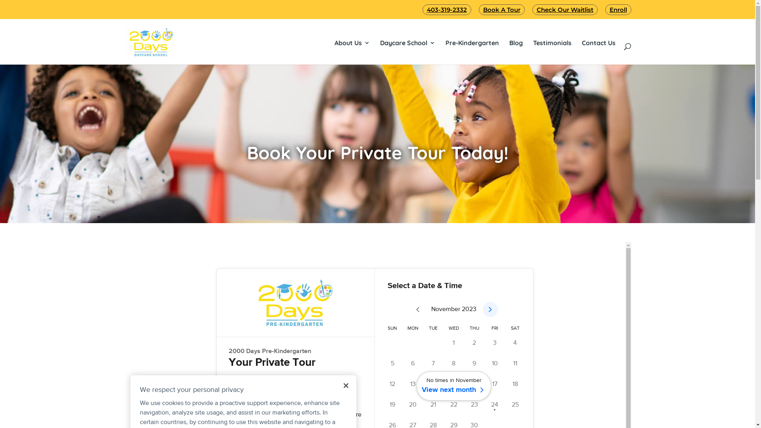  What do you see at coordinates (447, 10) in the screenshot?
I see `'403-319-2332'` at bounding box center [447, 10].